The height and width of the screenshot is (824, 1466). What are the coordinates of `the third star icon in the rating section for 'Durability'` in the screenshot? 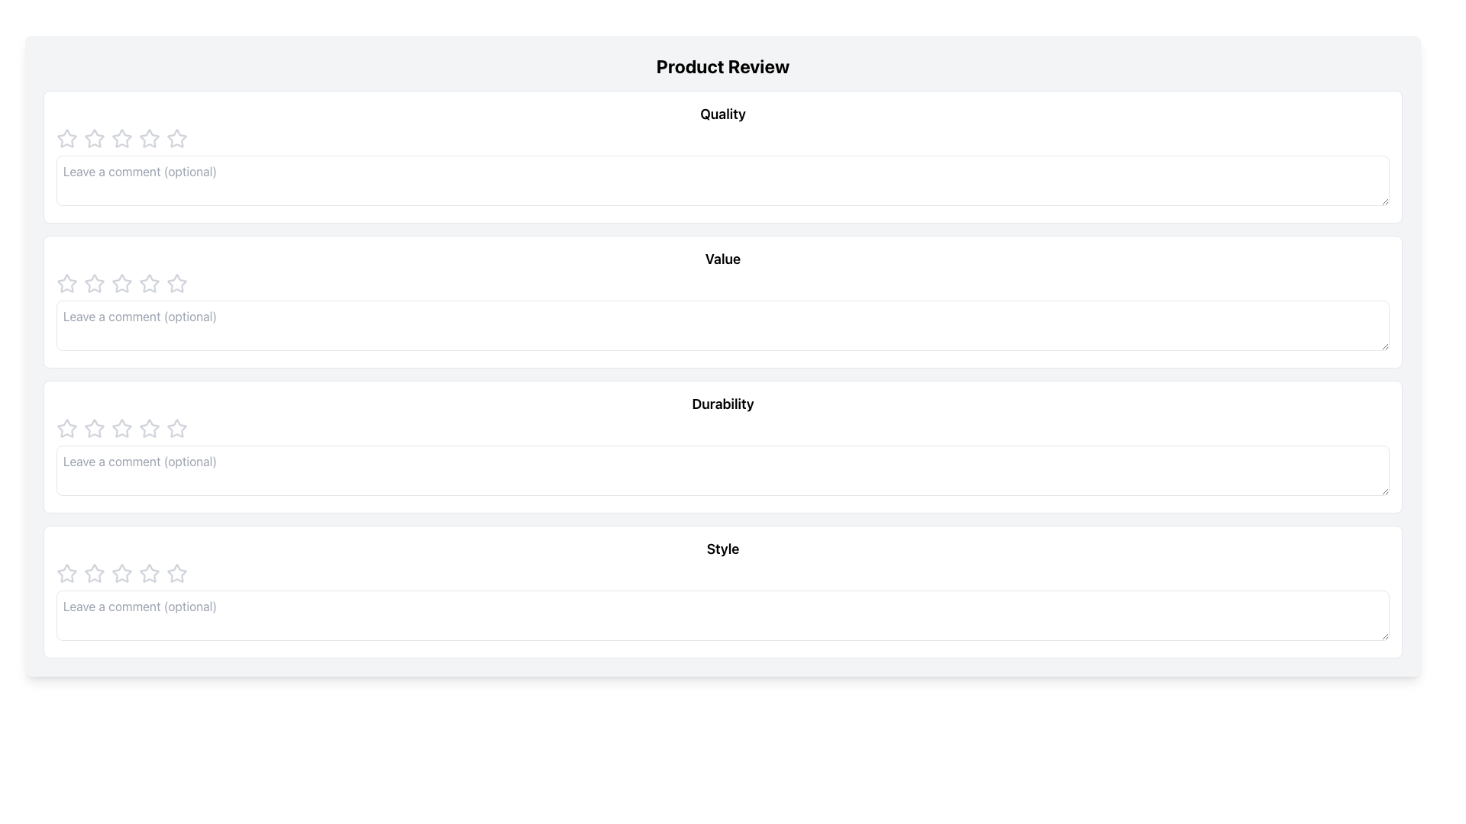 It's located at (94, 429).